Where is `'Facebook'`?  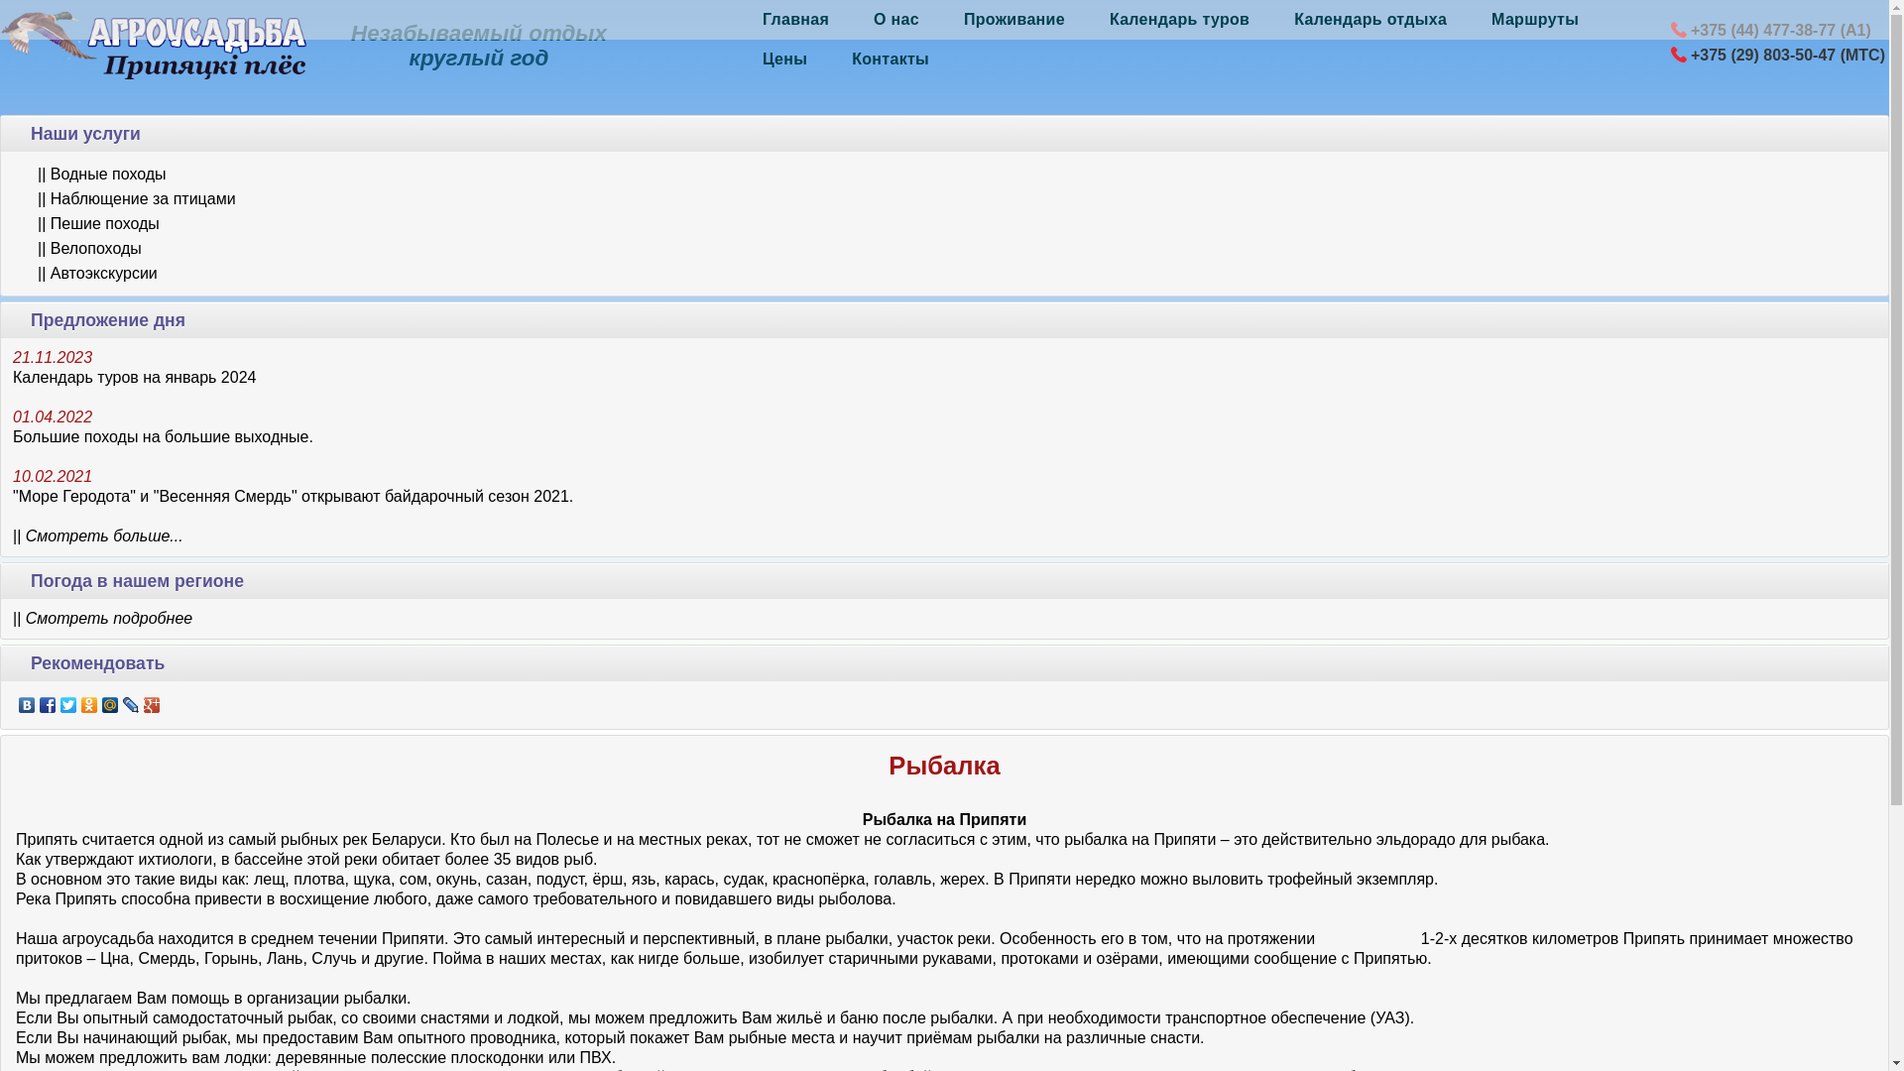
'Facebook' is located at coordinates (48, 703).